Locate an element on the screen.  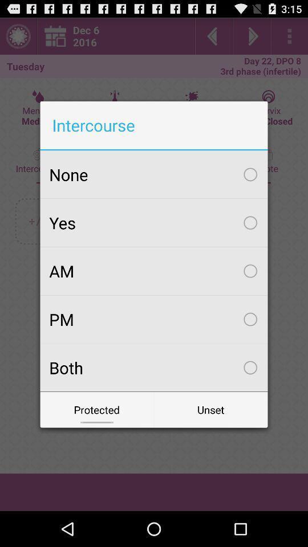
the icon above both icon is located at coordinates (154, 319).